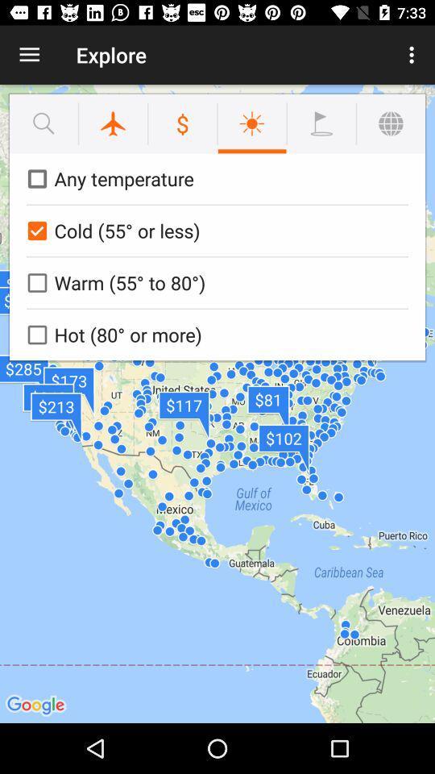  I want to click on icon next to explore icon, so click(29, 55).